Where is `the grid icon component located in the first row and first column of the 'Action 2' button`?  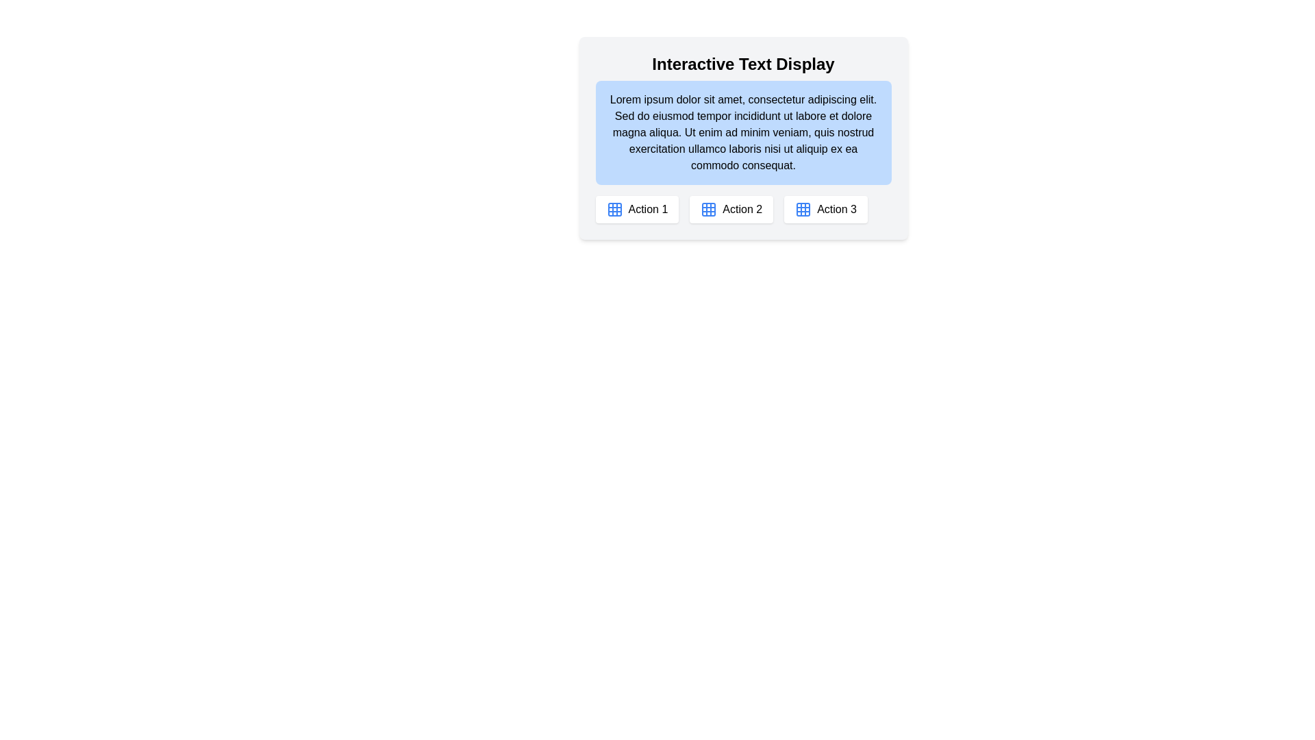
the grid icon component located in the first row and first column of the 'Action 2' button is located at coordinates (709, 209).